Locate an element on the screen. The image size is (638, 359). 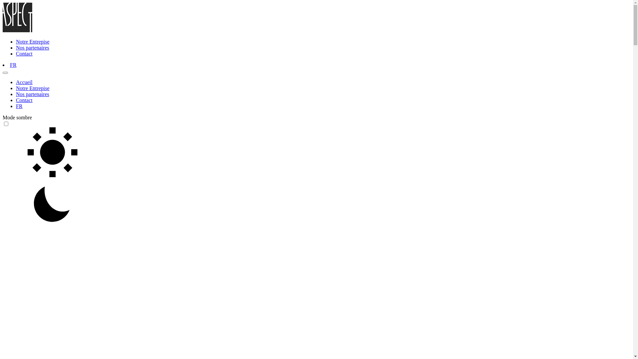
'Nos partenaires' is located at coordinates (32, 47).